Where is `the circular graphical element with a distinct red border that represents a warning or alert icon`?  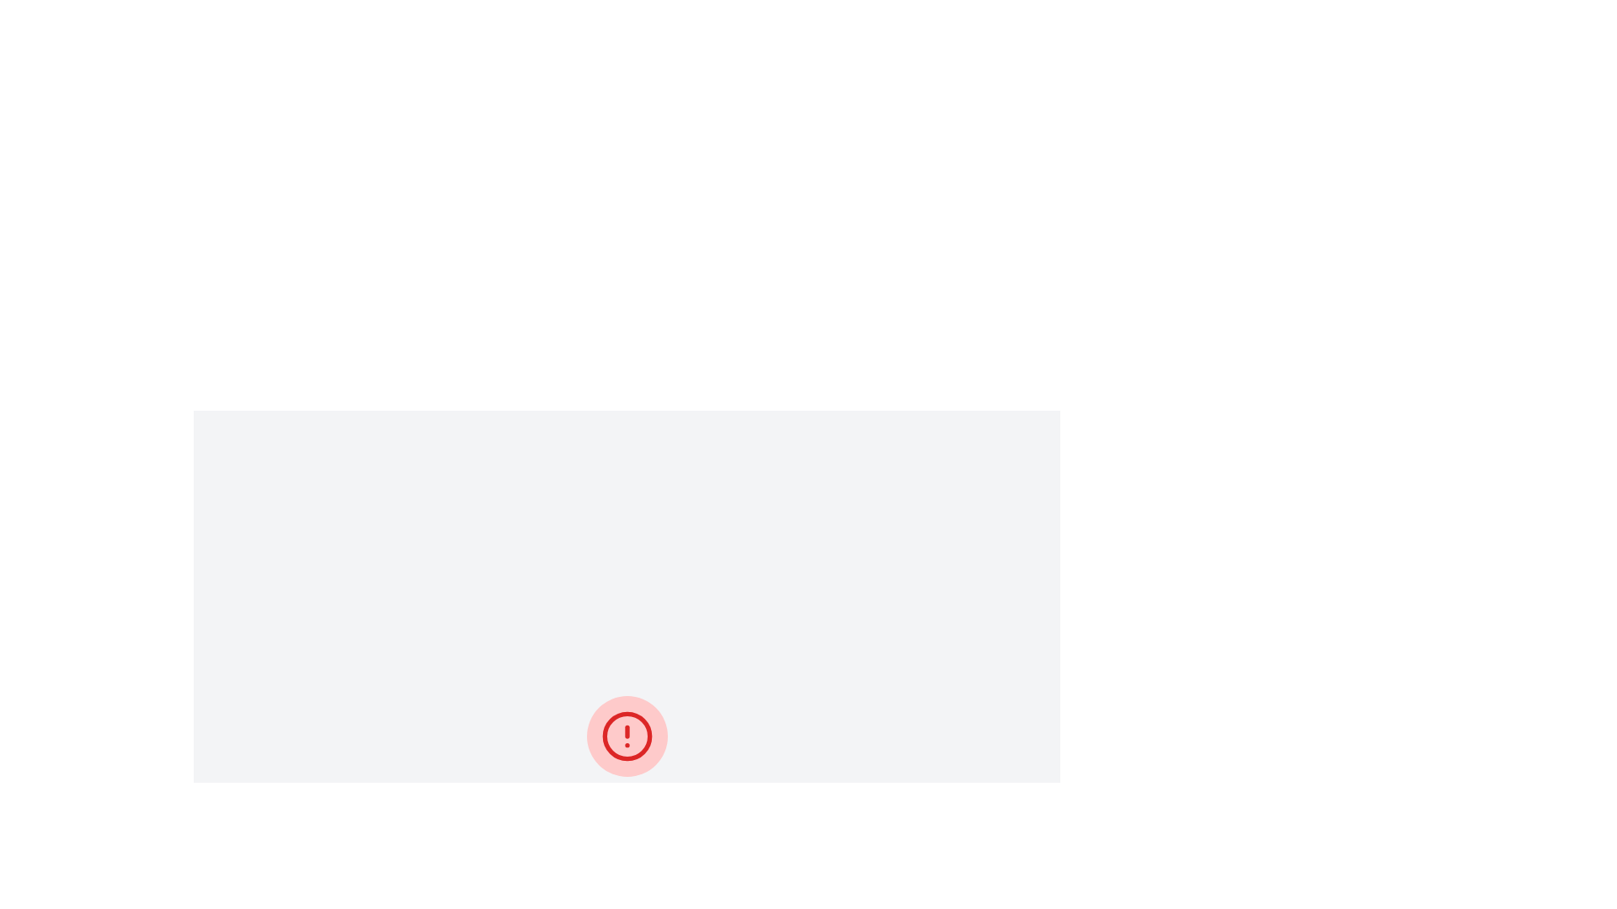 the circular graphical element with a distinct red border that represents a warning or alert icon is located at coordinates (626, 736).